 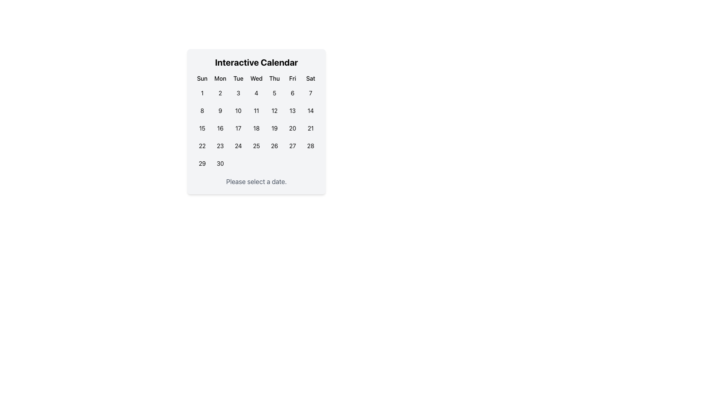 What do you see at coordinates (202, 146) in the screenshot?
I see `the calendar date cell displaying the number '22' in the first column of the fourth row` at bounding box center [202, 146].